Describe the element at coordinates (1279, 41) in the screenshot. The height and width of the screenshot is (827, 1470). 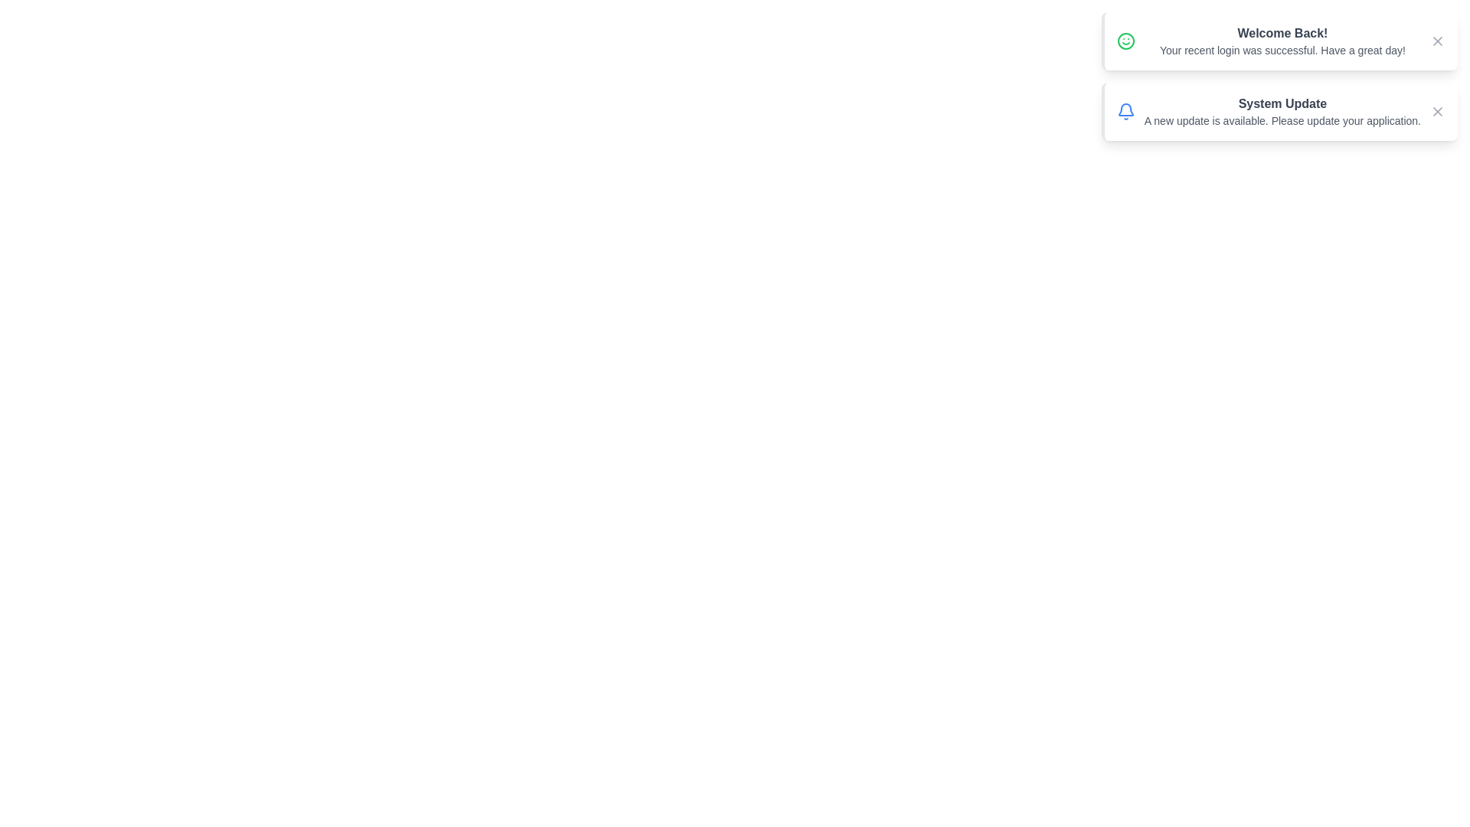
I see `the notification with title 'Welcome Back!'` at that location.